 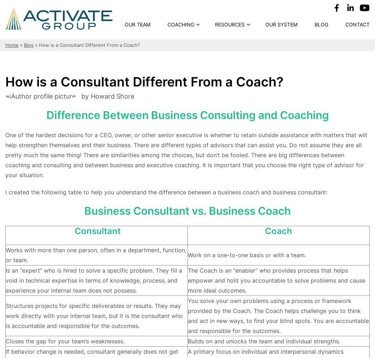 What do you see at coordinates (137, 24) in the screenshot?
I see `'Our Team'` at bounding box center [137, 24].